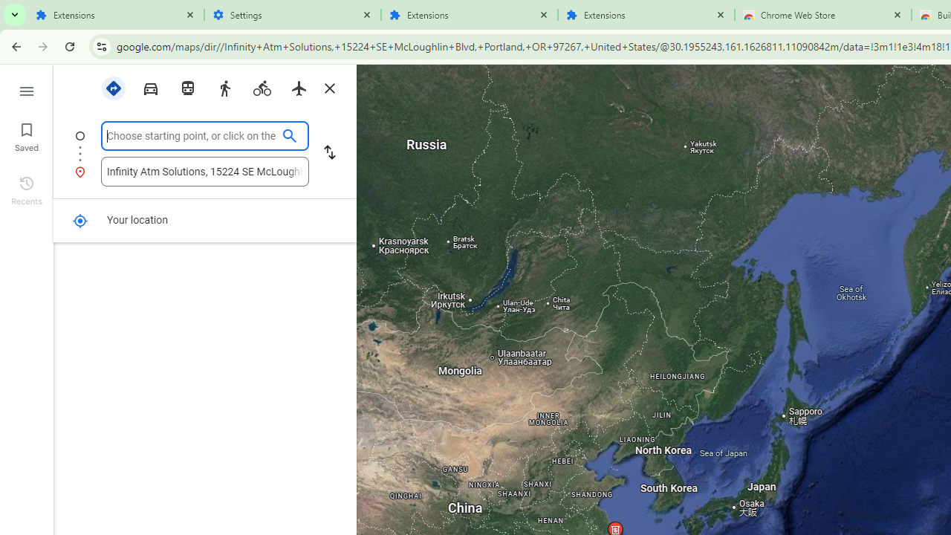 The height and width of the screenshot is (535, 951). I want to click on 'Walking', so click(224, 87).